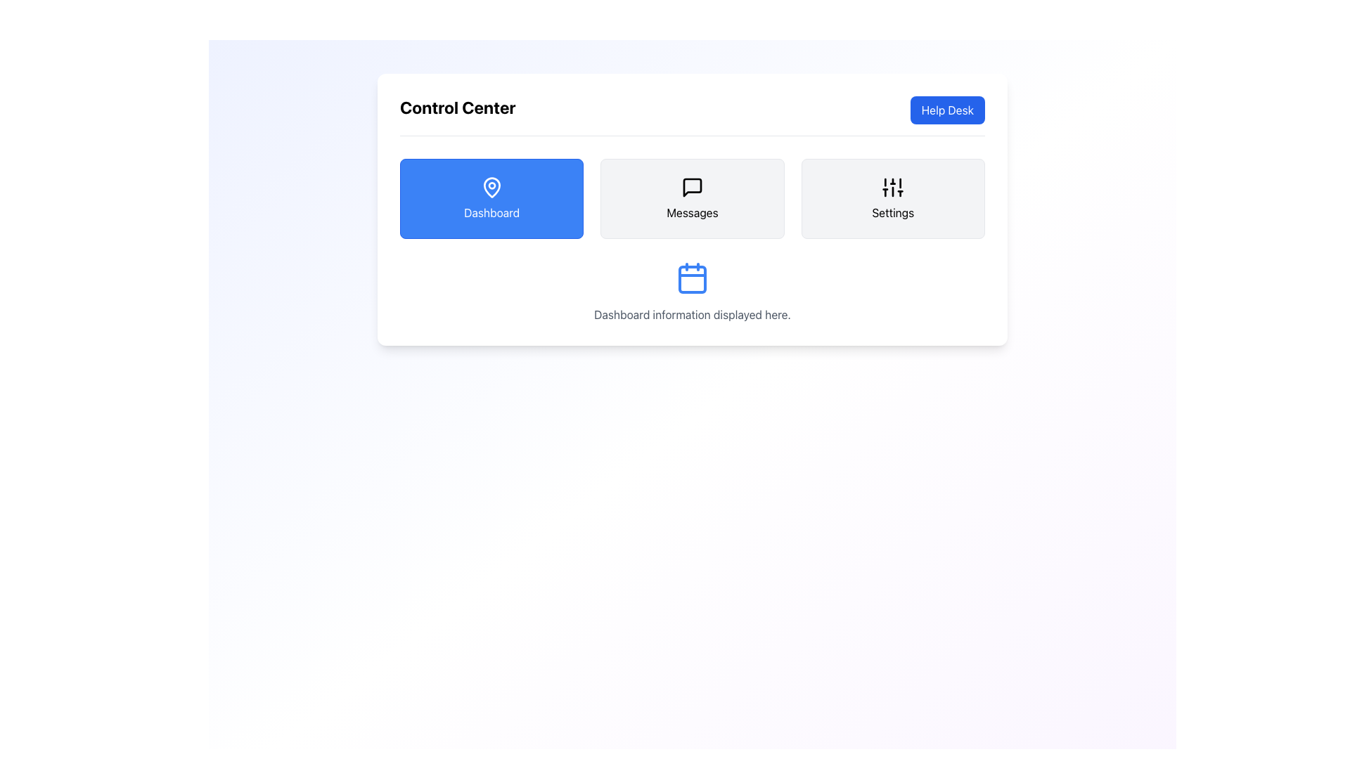 The image size is (1350, 759). I want to click on the pin-like Vector icon located within the blue 'Dashboard' button, which is centrally positioned under the 'Control Center' header, so click(491, 186).